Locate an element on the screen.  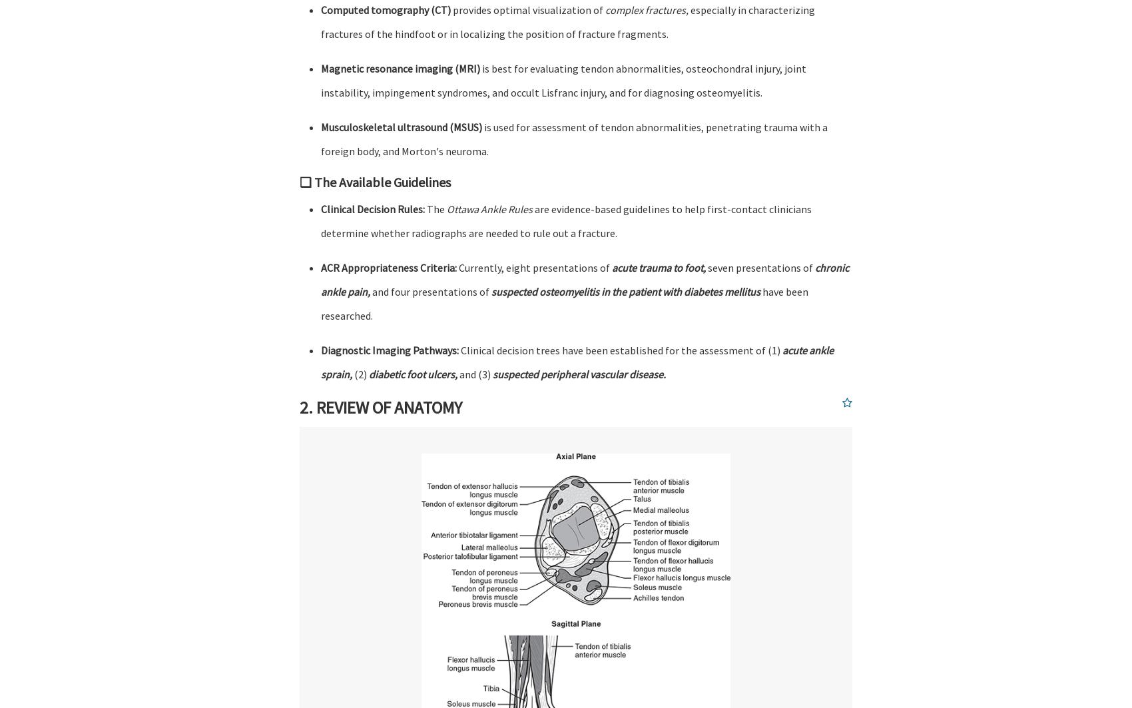
'acute ankle sprain,' is located at coordinates (577, 362).